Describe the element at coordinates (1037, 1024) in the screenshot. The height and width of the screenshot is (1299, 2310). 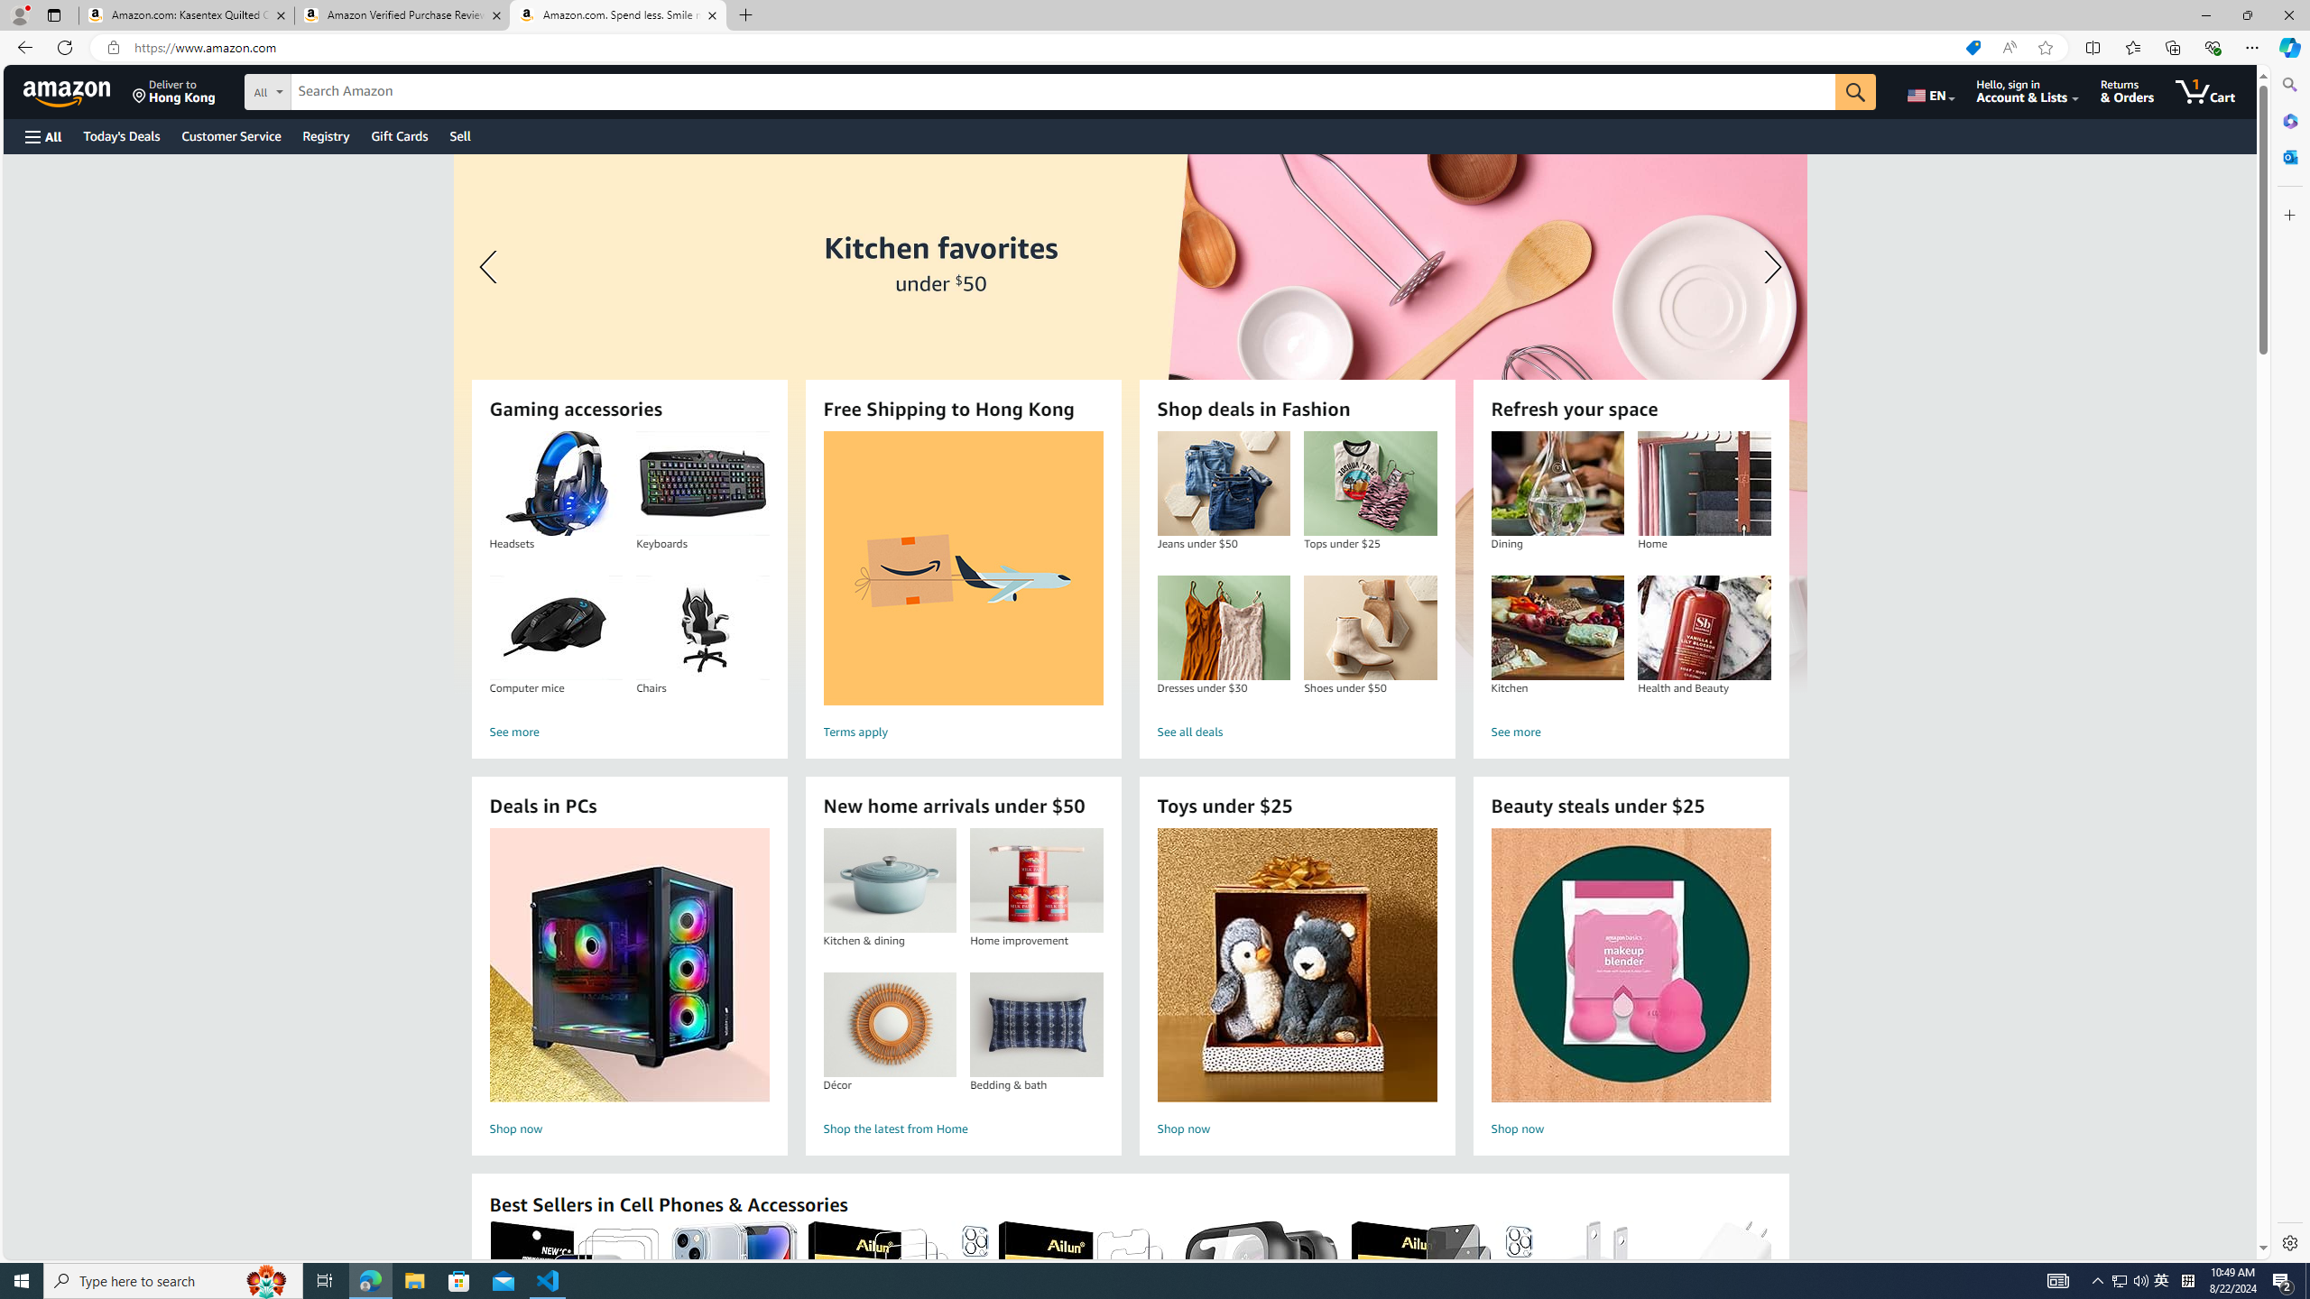
I see `'Bedding & bath'` at that location.